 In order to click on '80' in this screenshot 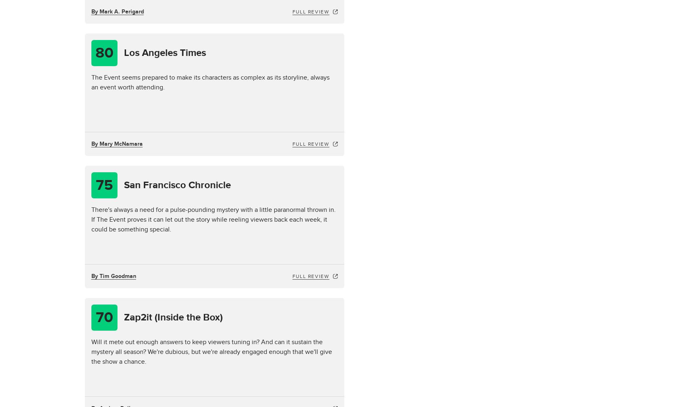, I will do `click(95, 53)`.